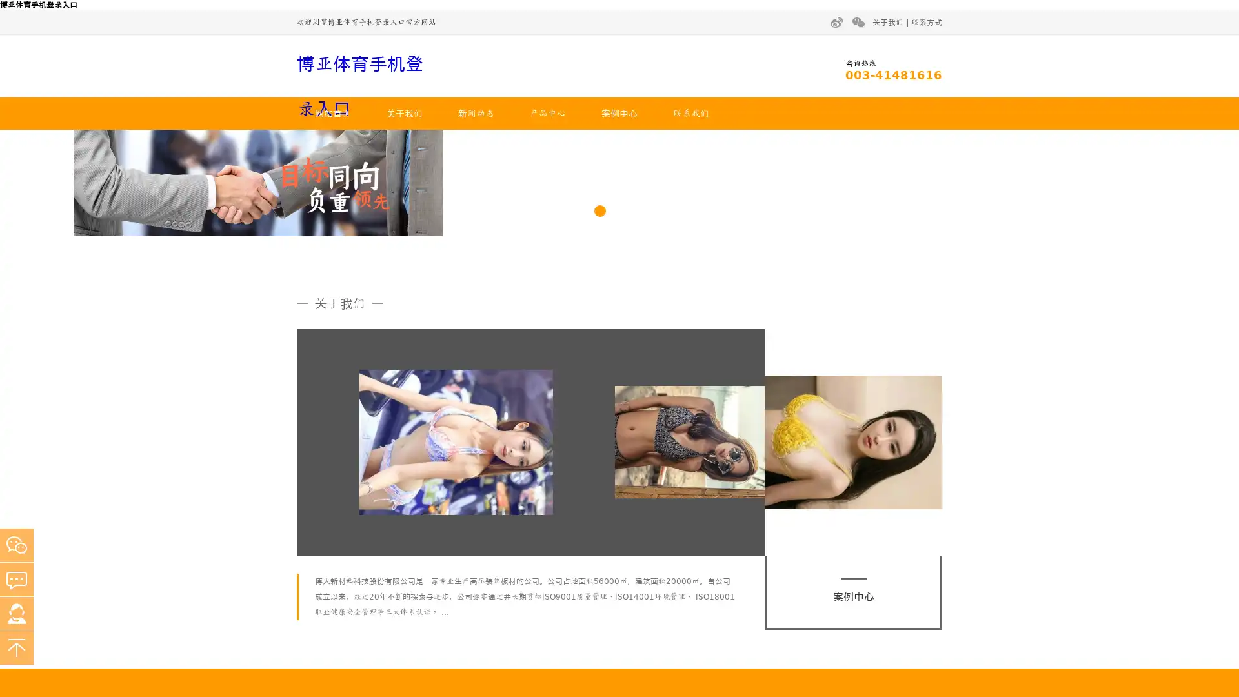  I want to click on 2, so click(619, 359).